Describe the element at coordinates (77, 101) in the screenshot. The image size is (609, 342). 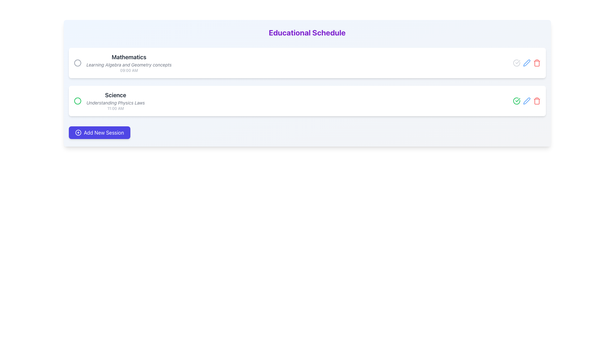
I see `the status indication represented by the icon located to the left of the 'Science' title in the session card` at that location.